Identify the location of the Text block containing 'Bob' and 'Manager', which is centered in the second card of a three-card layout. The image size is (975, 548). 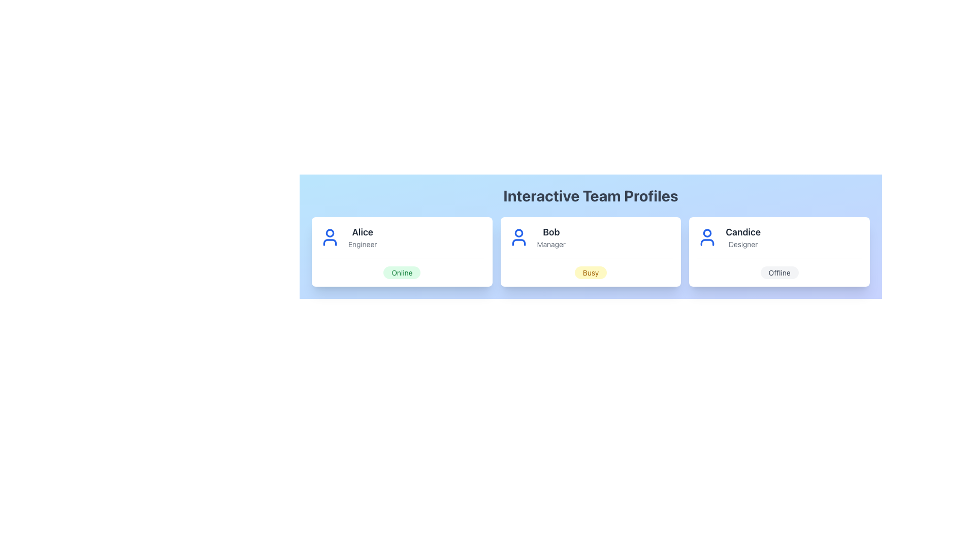
(550, 237).